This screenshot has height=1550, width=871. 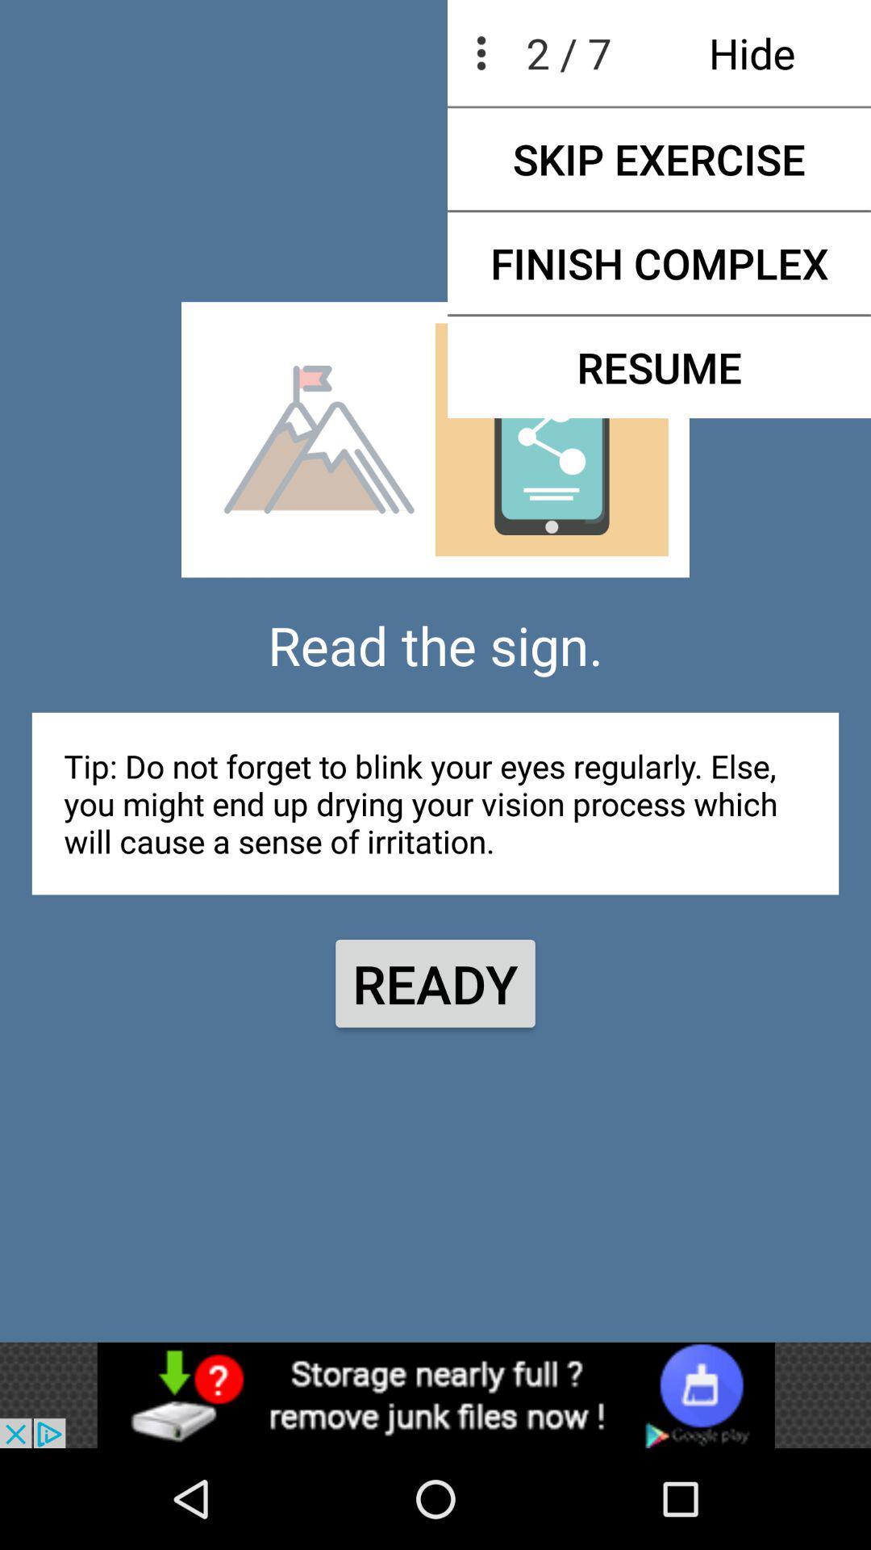 What do you see at coordinates (435, 1394) in the screenshot?
I see `menu bar` at bounding box center [435, 1394].